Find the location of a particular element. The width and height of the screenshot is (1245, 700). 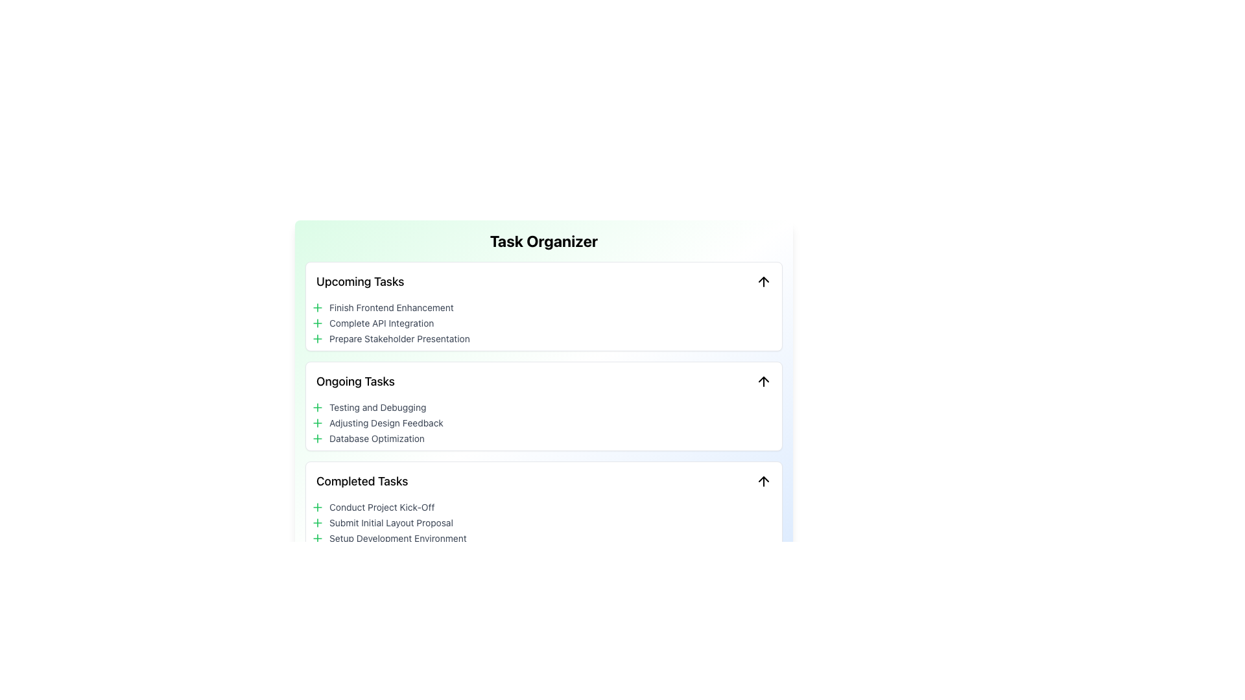

the button that expands or adds a task related to 'Testing and Debugging' in the 'Ongoing Tasks' section is located at coordinates (317, 406).